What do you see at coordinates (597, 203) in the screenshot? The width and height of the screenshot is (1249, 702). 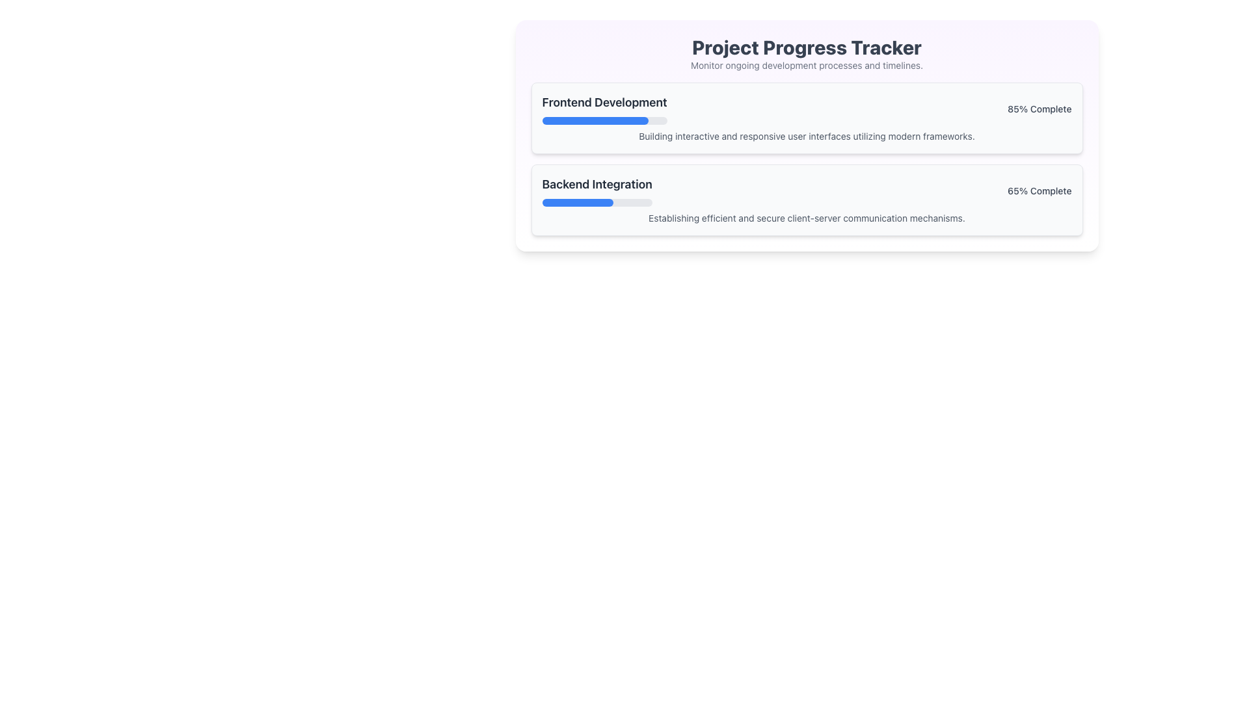 I see `the Progress Bar element located underneath the 'Backend Integration' text, which is styled with a gray background and blue fill indicating 65% completion` at bounding box center [597, 203].